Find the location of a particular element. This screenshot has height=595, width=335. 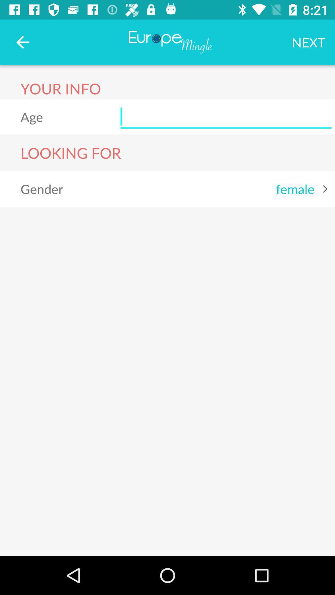

the next is located at coordinates (308, 42).